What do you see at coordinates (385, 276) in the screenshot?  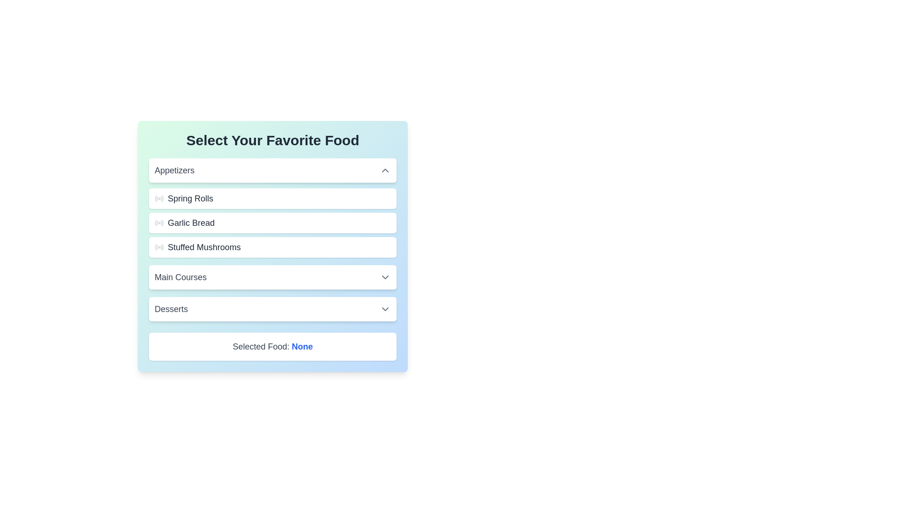 I see `the Dropdown toggle icon located on the right side of the 'Main Courses' section` at bounding box center [385, 276].